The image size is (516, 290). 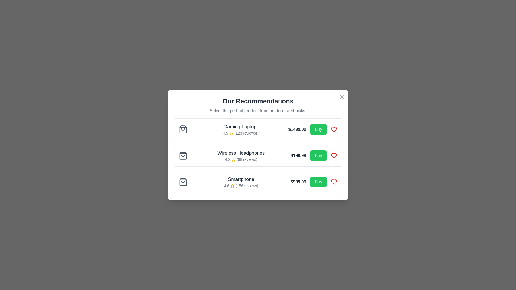 What do you see at coordinates (231, 133) in the screenshot?
I see `the star icon representing the review rating next to the text '4.5 (123 reviews)' in the rating section of the 'Gaming Laptop' recommendation card` at bounding box center [231, 133].